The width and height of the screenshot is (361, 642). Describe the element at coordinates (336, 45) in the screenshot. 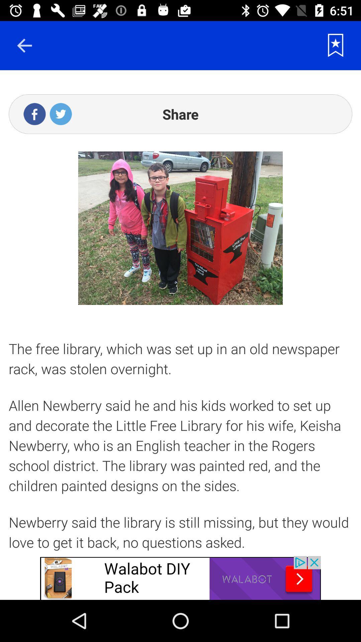

I see `save` at that location.